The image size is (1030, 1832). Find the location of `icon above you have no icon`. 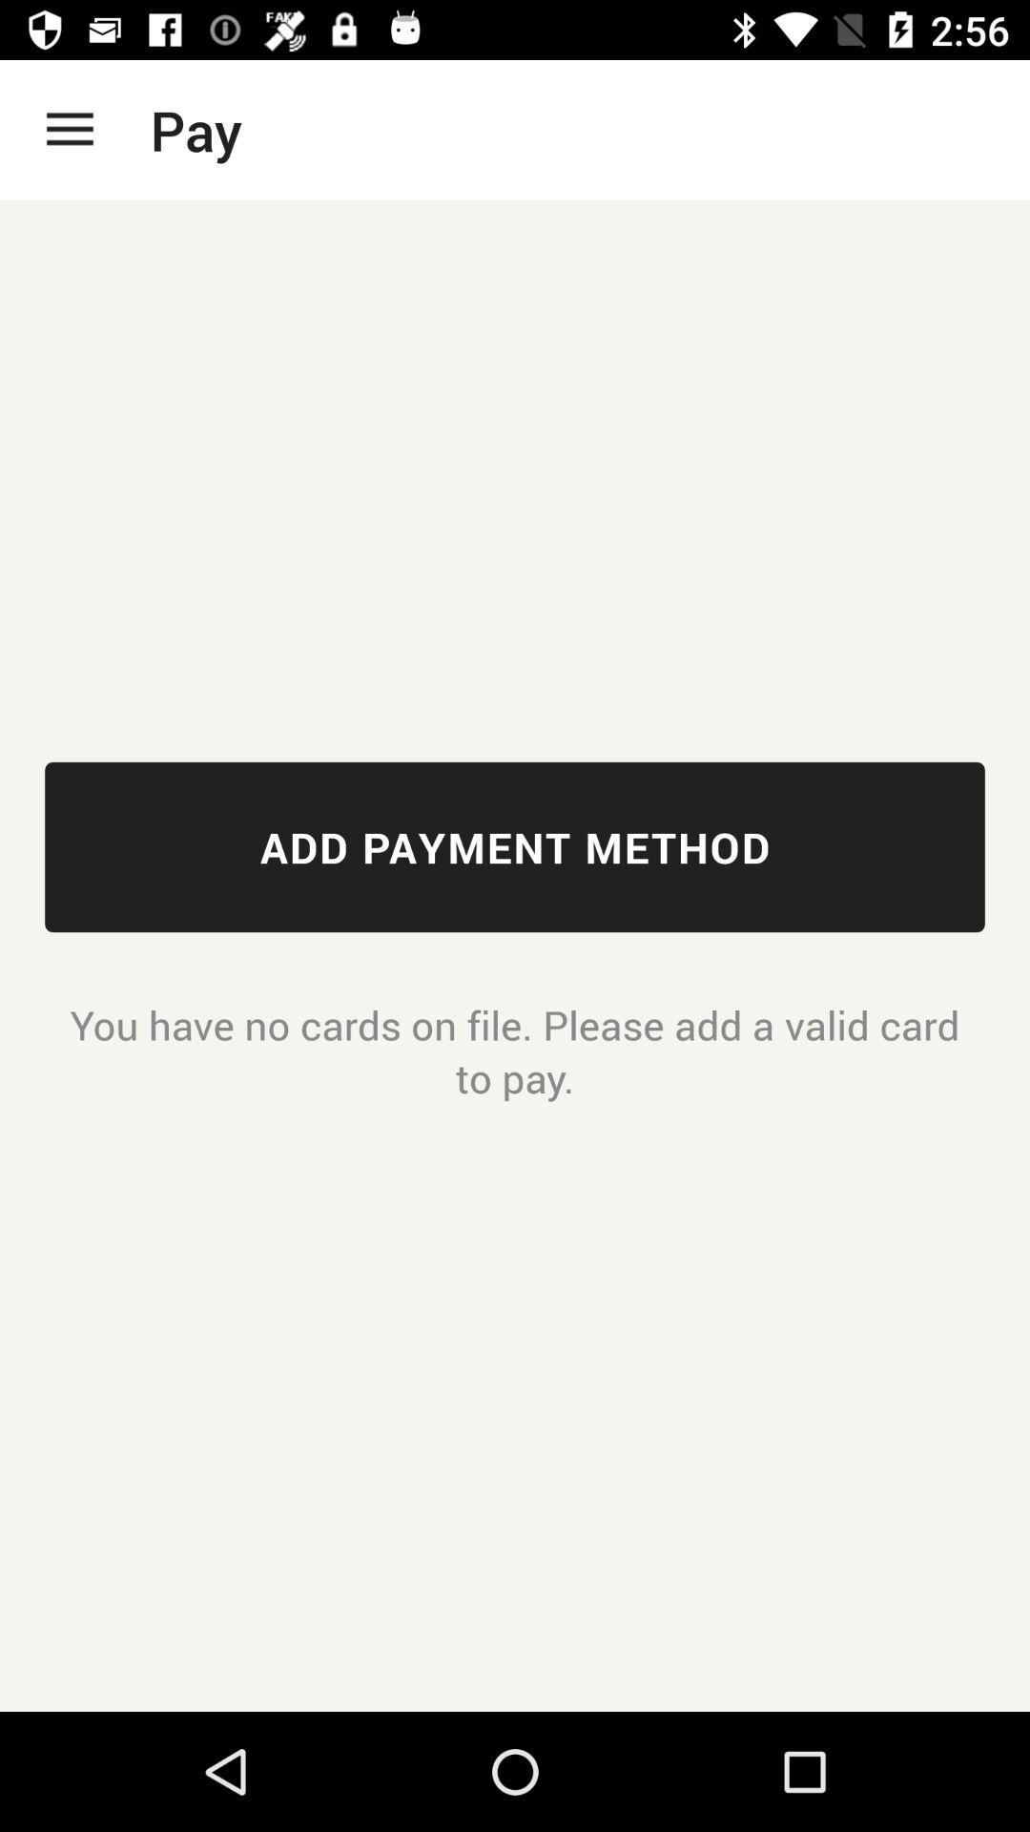

icon above you have no icon is located at coordinates (515, 846).